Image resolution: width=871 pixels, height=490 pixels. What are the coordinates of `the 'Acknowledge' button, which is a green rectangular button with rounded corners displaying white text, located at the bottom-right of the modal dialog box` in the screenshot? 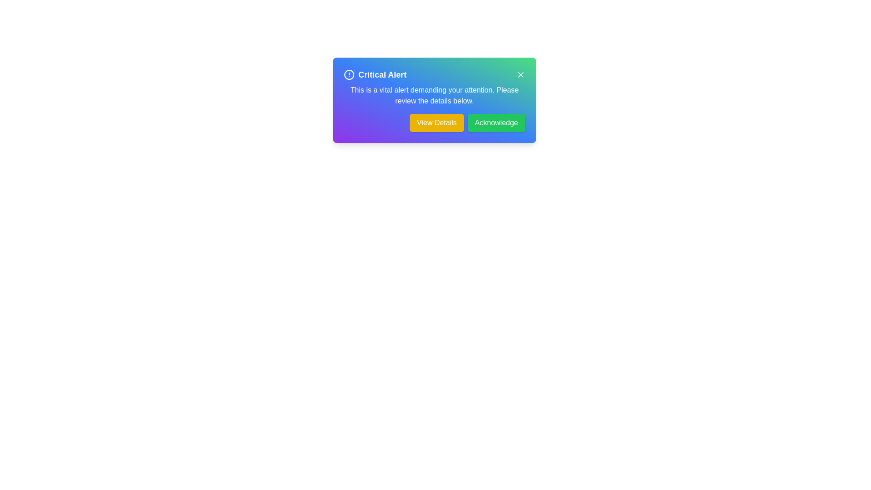 It's located at (496, 122).